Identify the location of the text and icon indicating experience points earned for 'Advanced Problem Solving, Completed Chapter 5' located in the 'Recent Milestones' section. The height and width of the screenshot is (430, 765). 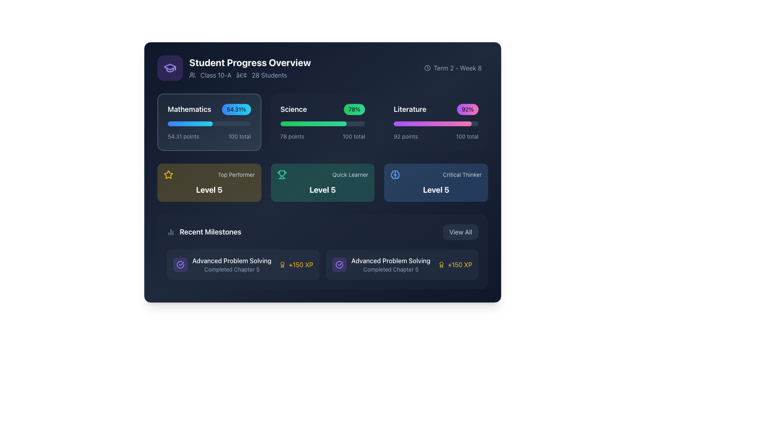
(296, 264).